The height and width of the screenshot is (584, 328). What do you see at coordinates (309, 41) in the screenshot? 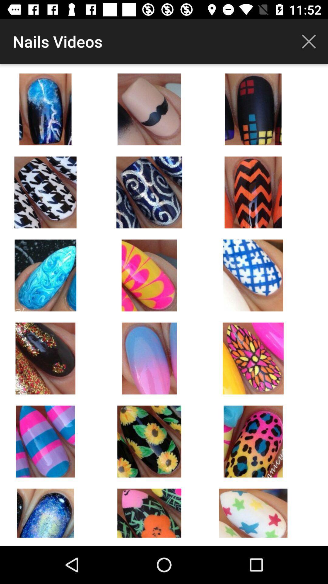
I see `search query` at bounding box center [309, 41].